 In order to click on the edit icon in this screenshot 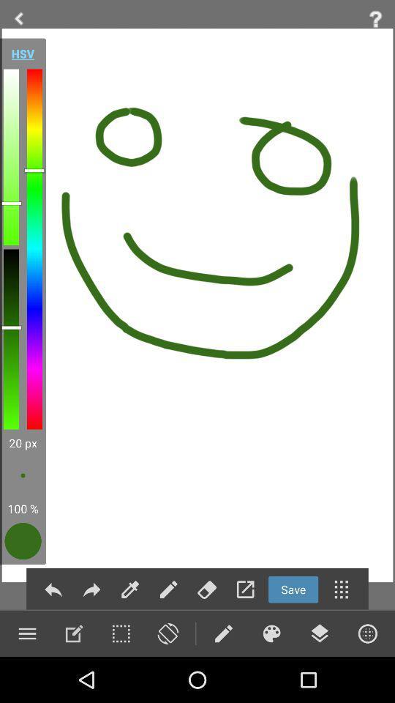, I will do `click(73, 633)`.